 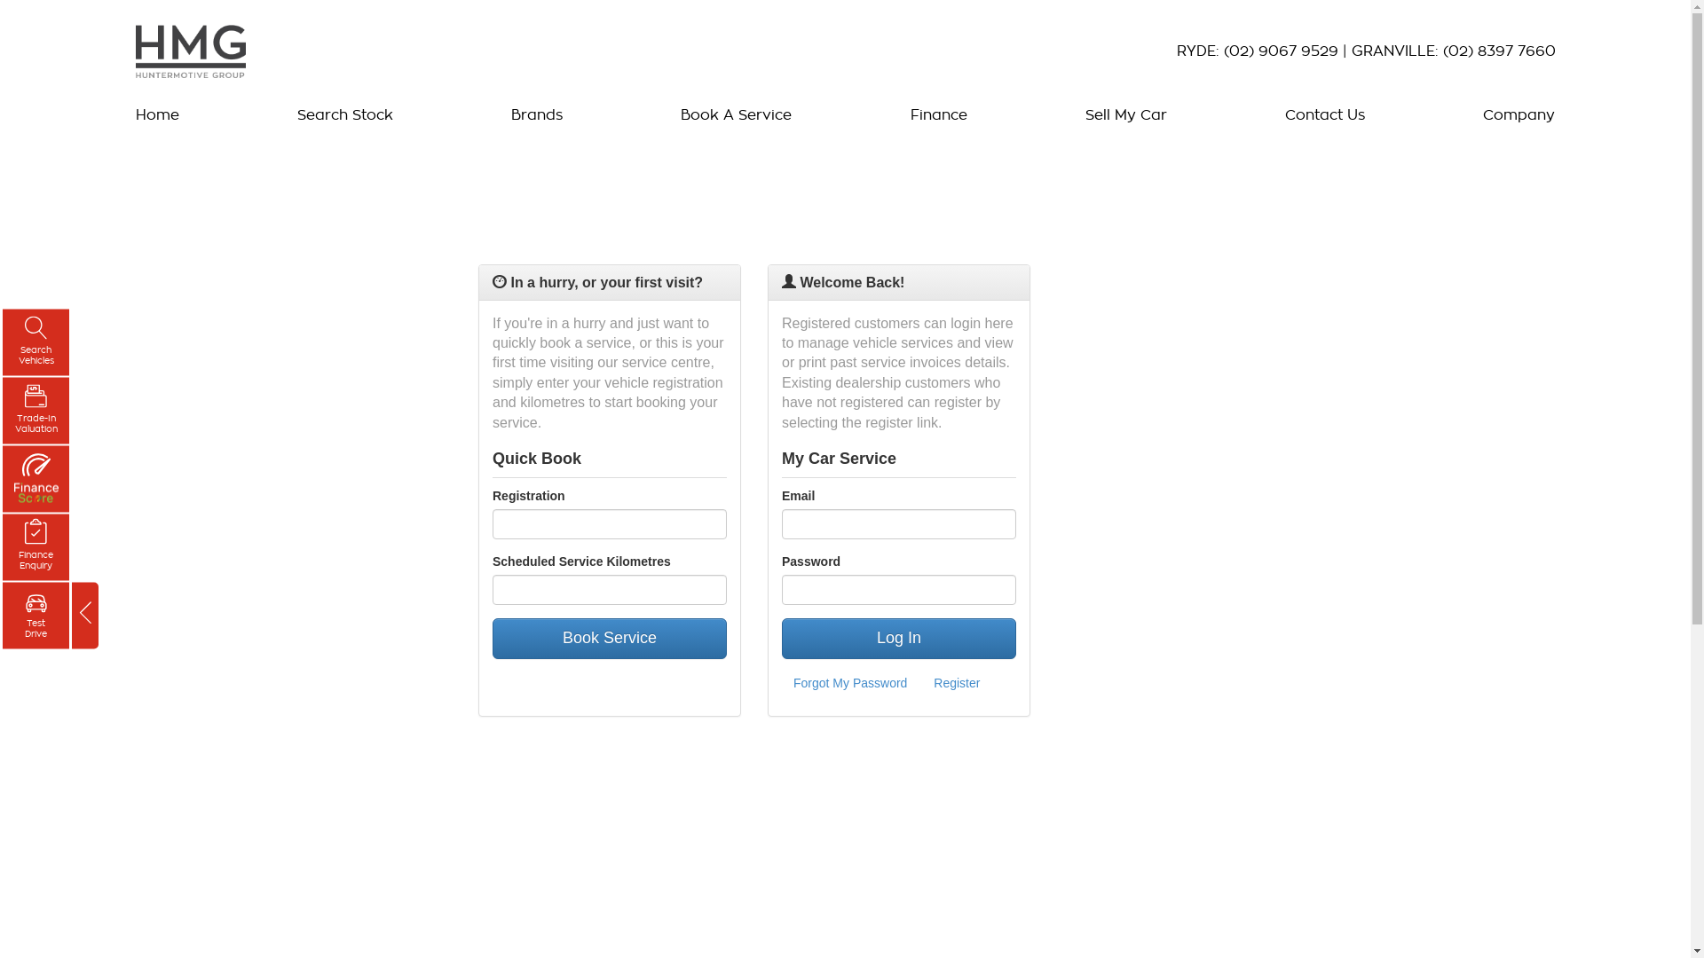 What do you see at coordinates (161, 115) in the screenshot?
I see `'Home'` at bounding box center [161, 115].